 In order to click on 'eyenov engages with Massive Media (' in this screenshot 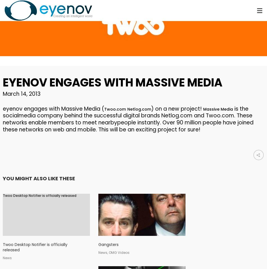, I will do `click(53, 108)`.